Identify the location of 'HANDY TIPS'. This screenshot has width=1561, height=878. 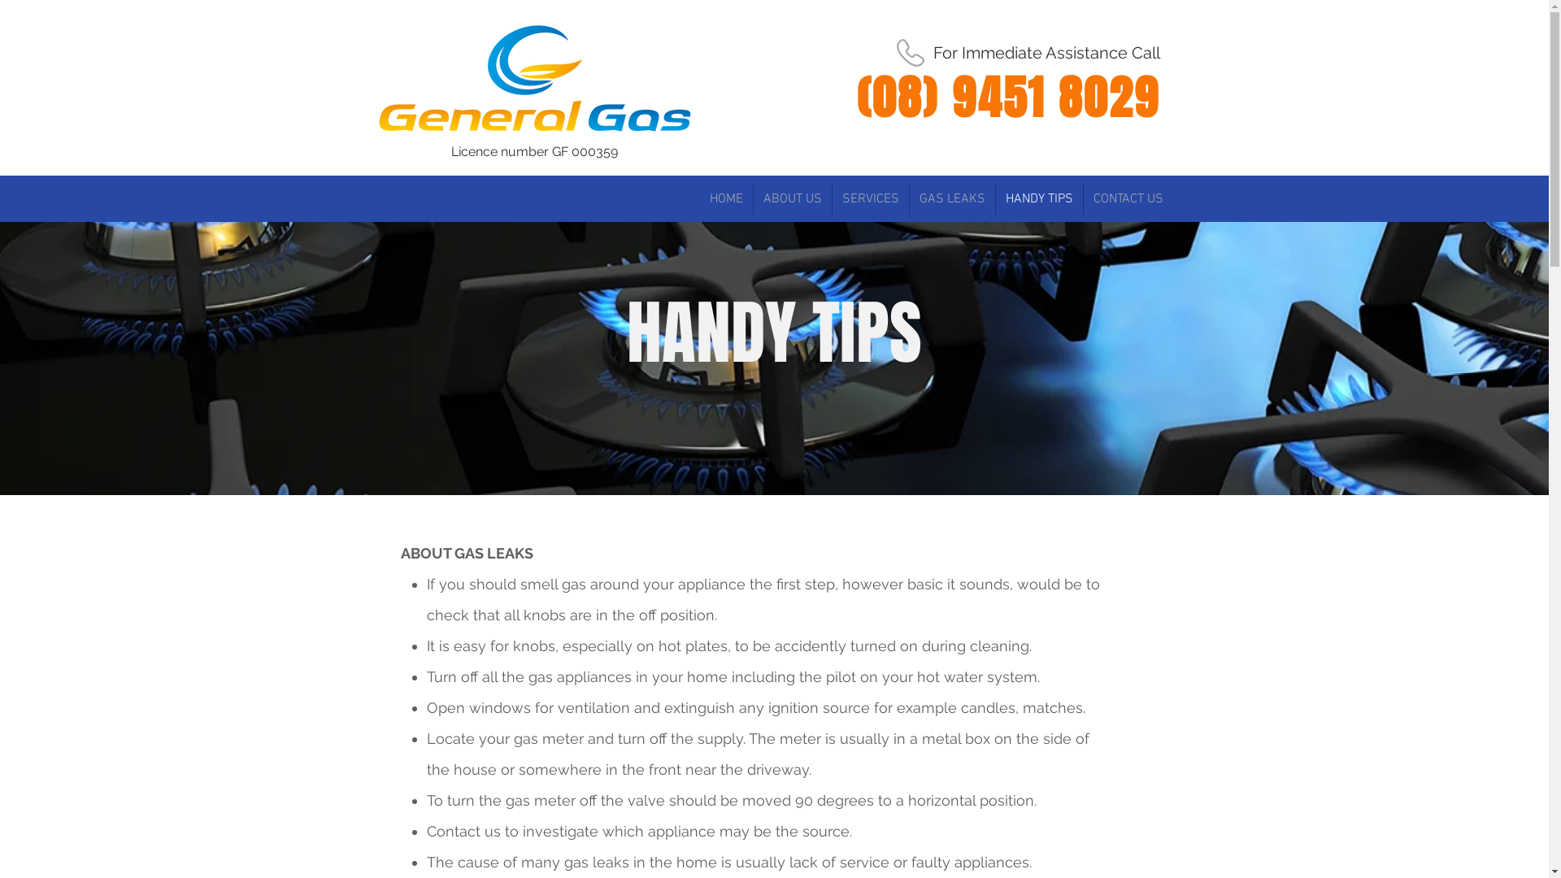
(1037, 198).